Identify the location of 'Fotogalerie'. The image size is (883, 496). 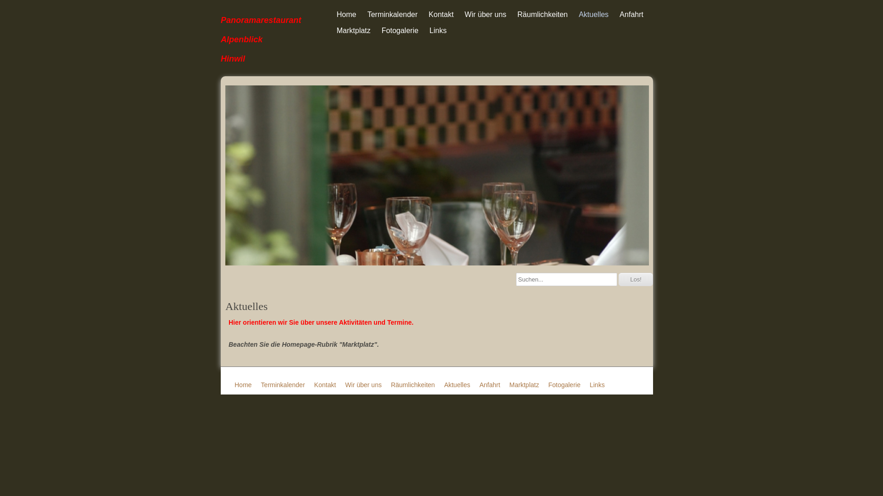
(564, 384).